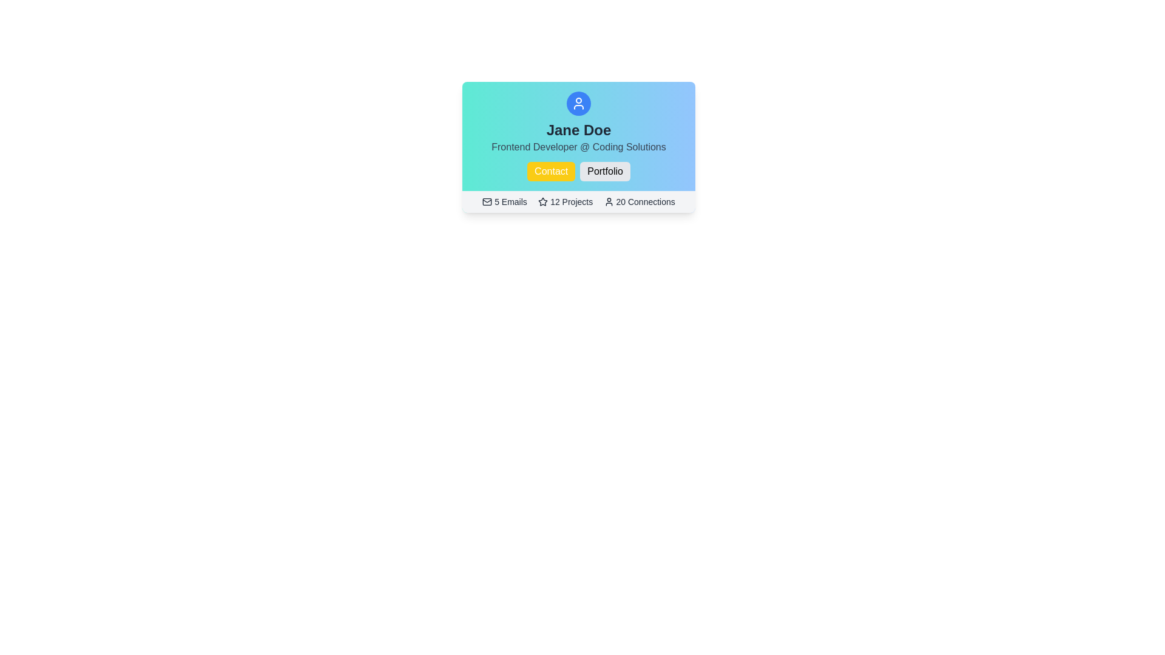  What do you see at coordinates (578, 201) in the screenshot?
I see `the text with icons row displaying '5 Emails 12 Projects 20 Connections' located below the 'Contact' and 'Portfolio' buttons` at bounding box center [578, 201].